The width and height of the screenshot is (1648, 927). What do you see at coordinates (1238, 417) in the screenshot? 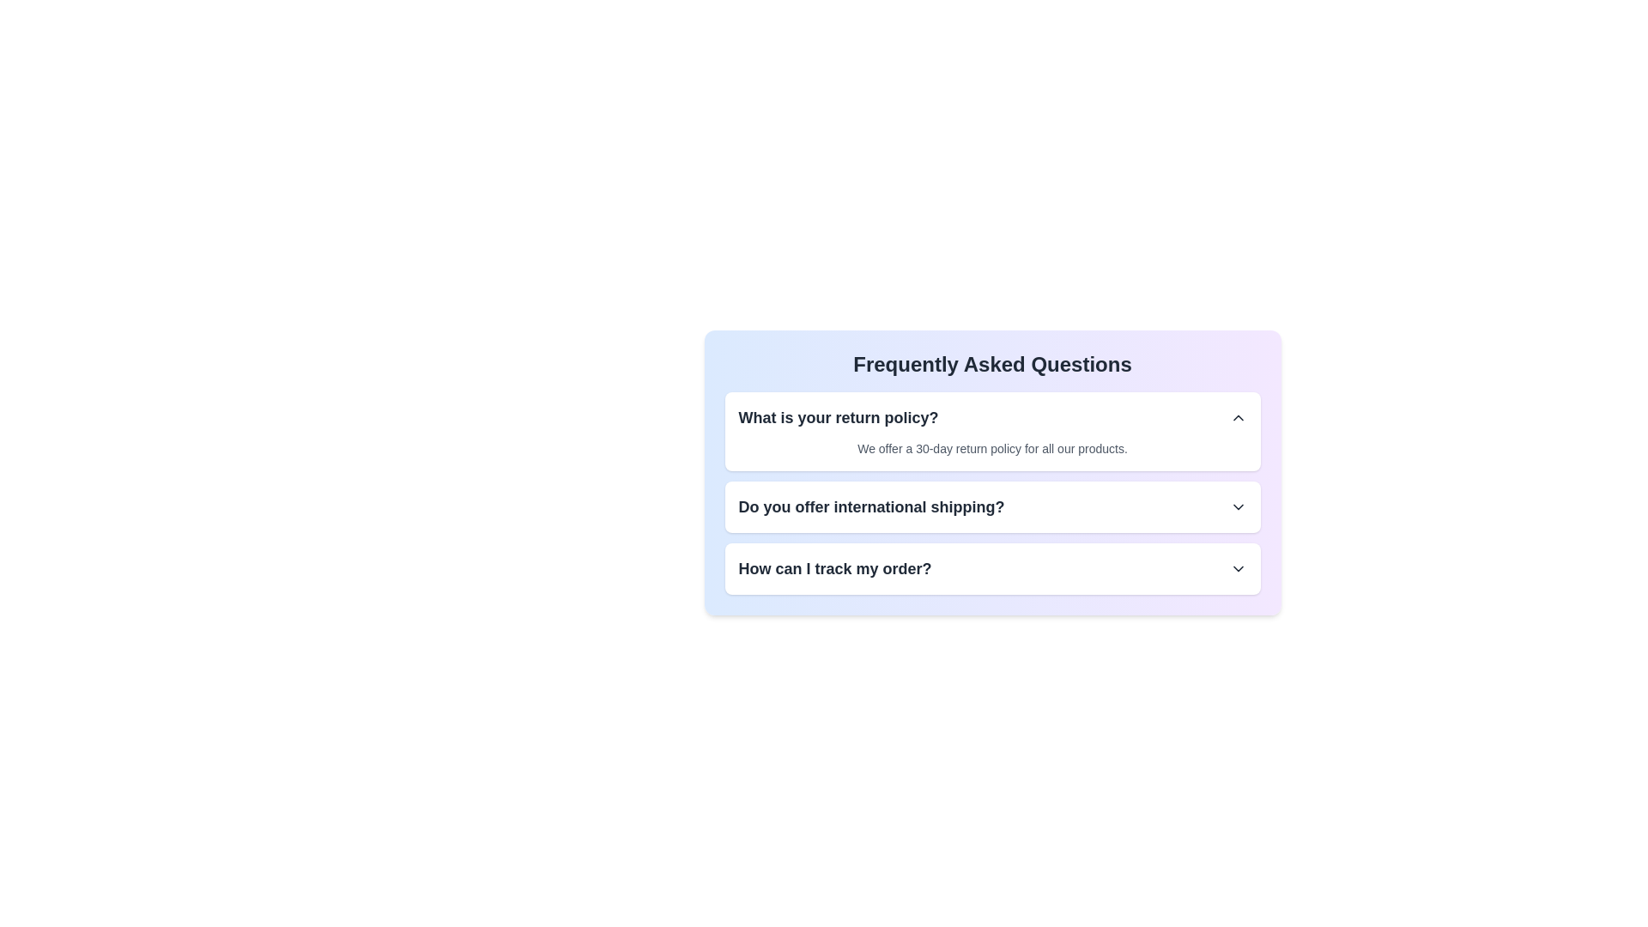
I see `the expand/collapse icon next to the FAQ with the question 'What is your return policy?'` at bounding box center [1238, 417].